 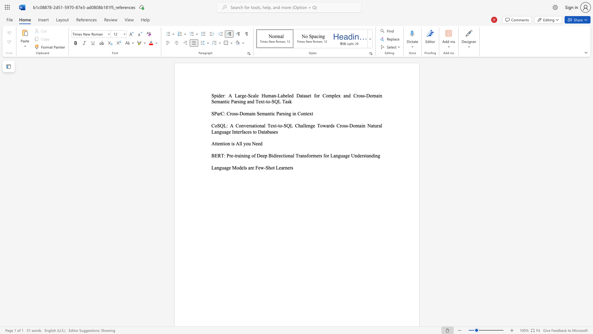 What do you see at coordinates (241, 125) in the screenshot?
I see `the subset text "nversational Text-to-SQL C" within the text "CoSQL: A Conversational Text-to-SQL Challenge Towards Cross-Domain Natural Language Interfaces to Databases"` at bounding box center [241, 125].